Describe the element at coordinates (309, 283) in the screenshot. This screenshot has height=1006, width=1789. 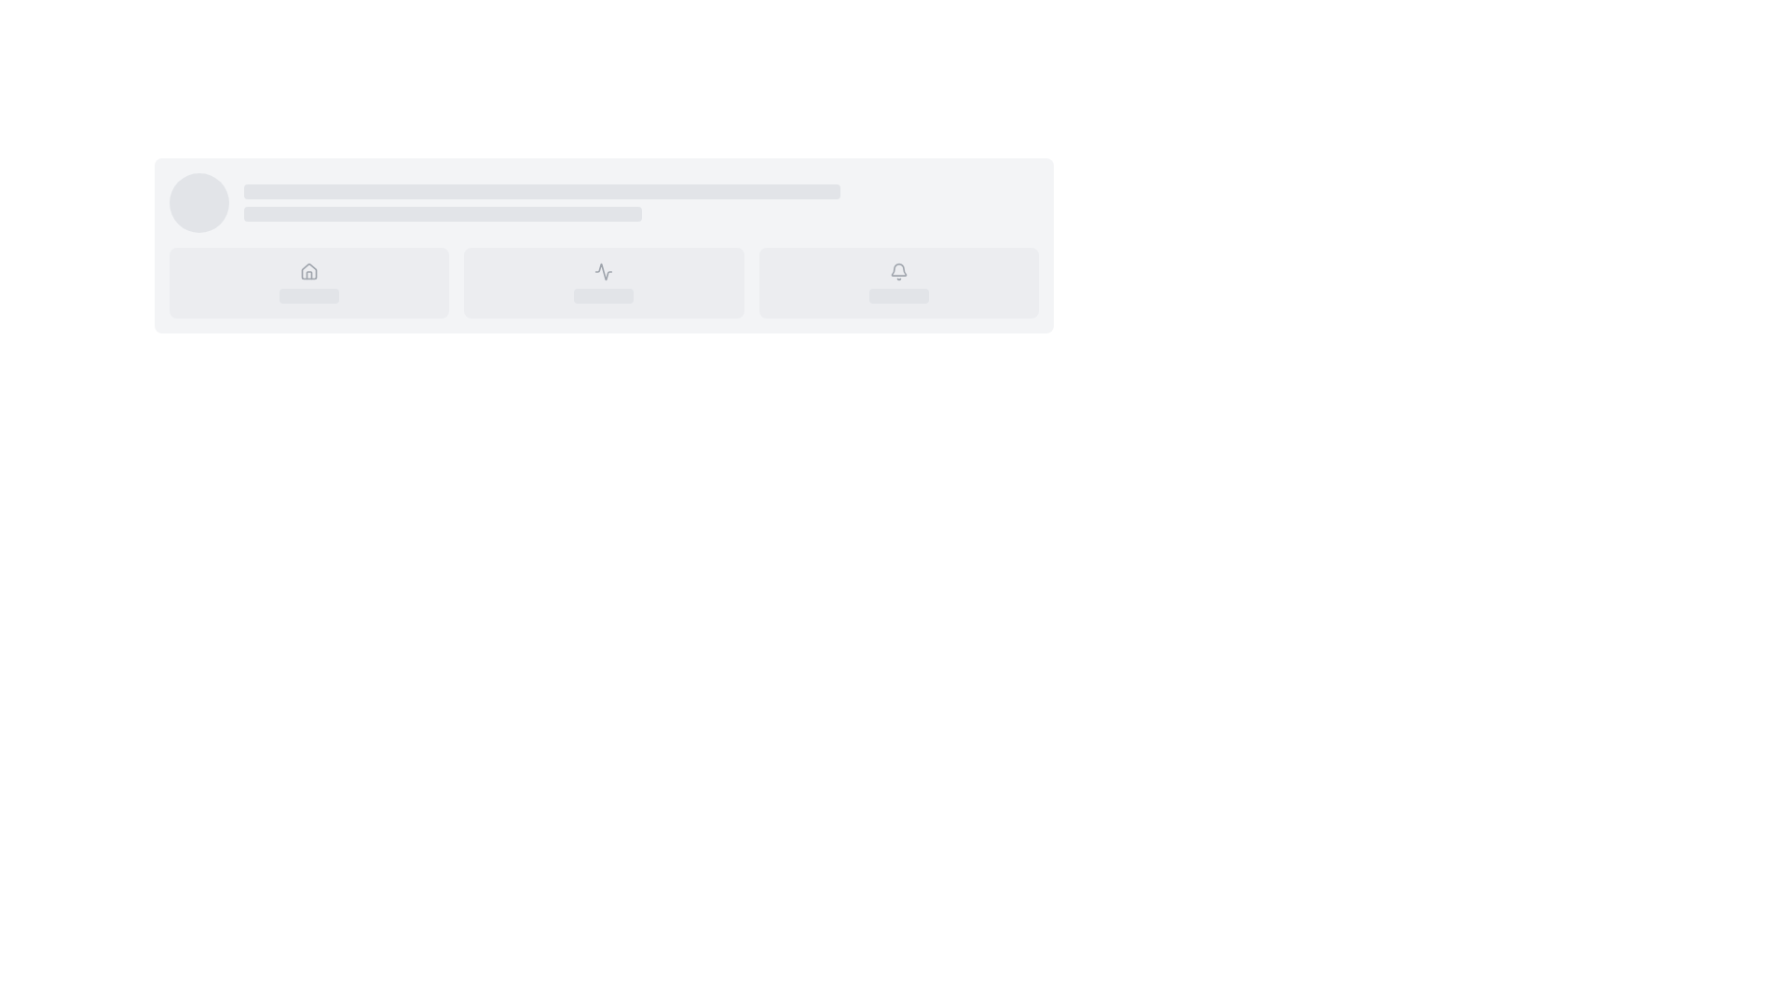
I see `the first card component in the grid layout, which serves as a placeholder or loading state indicator` at that location.